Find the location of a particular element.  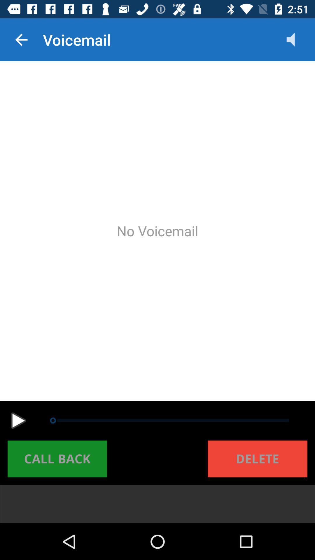

audio is located at coordinates (18, 421).